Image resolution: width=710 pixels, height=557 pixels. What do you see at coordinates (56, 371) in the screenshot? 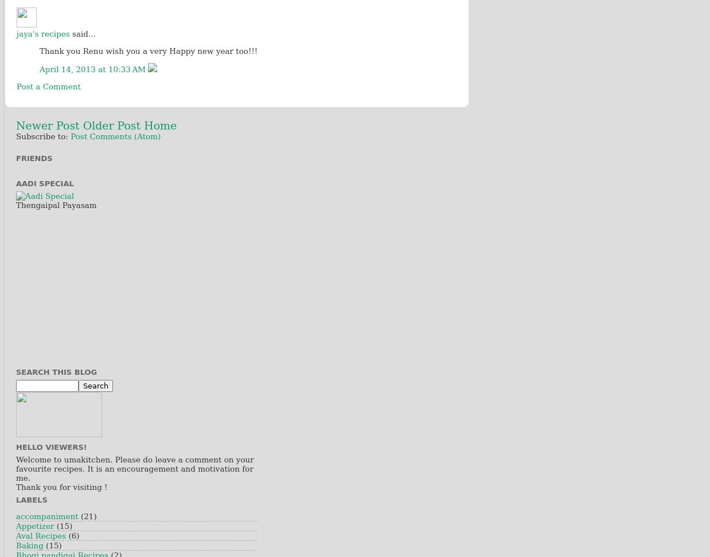
I see `'Search This Blog'` at bounding box center [56, 371].